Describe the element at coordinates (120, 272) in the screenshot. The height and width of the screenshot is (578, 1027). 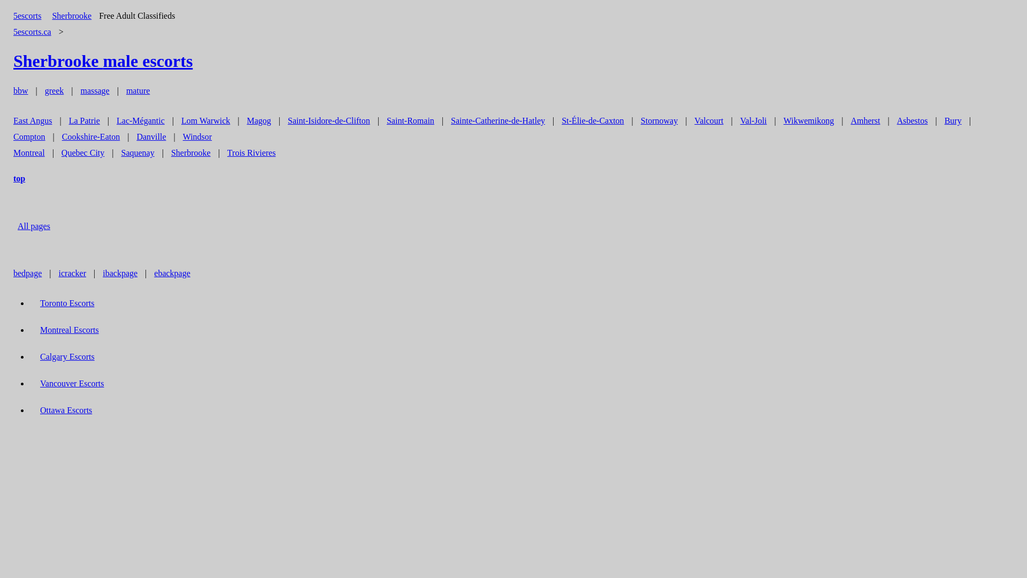
I see `'ibackpage'` at that location.